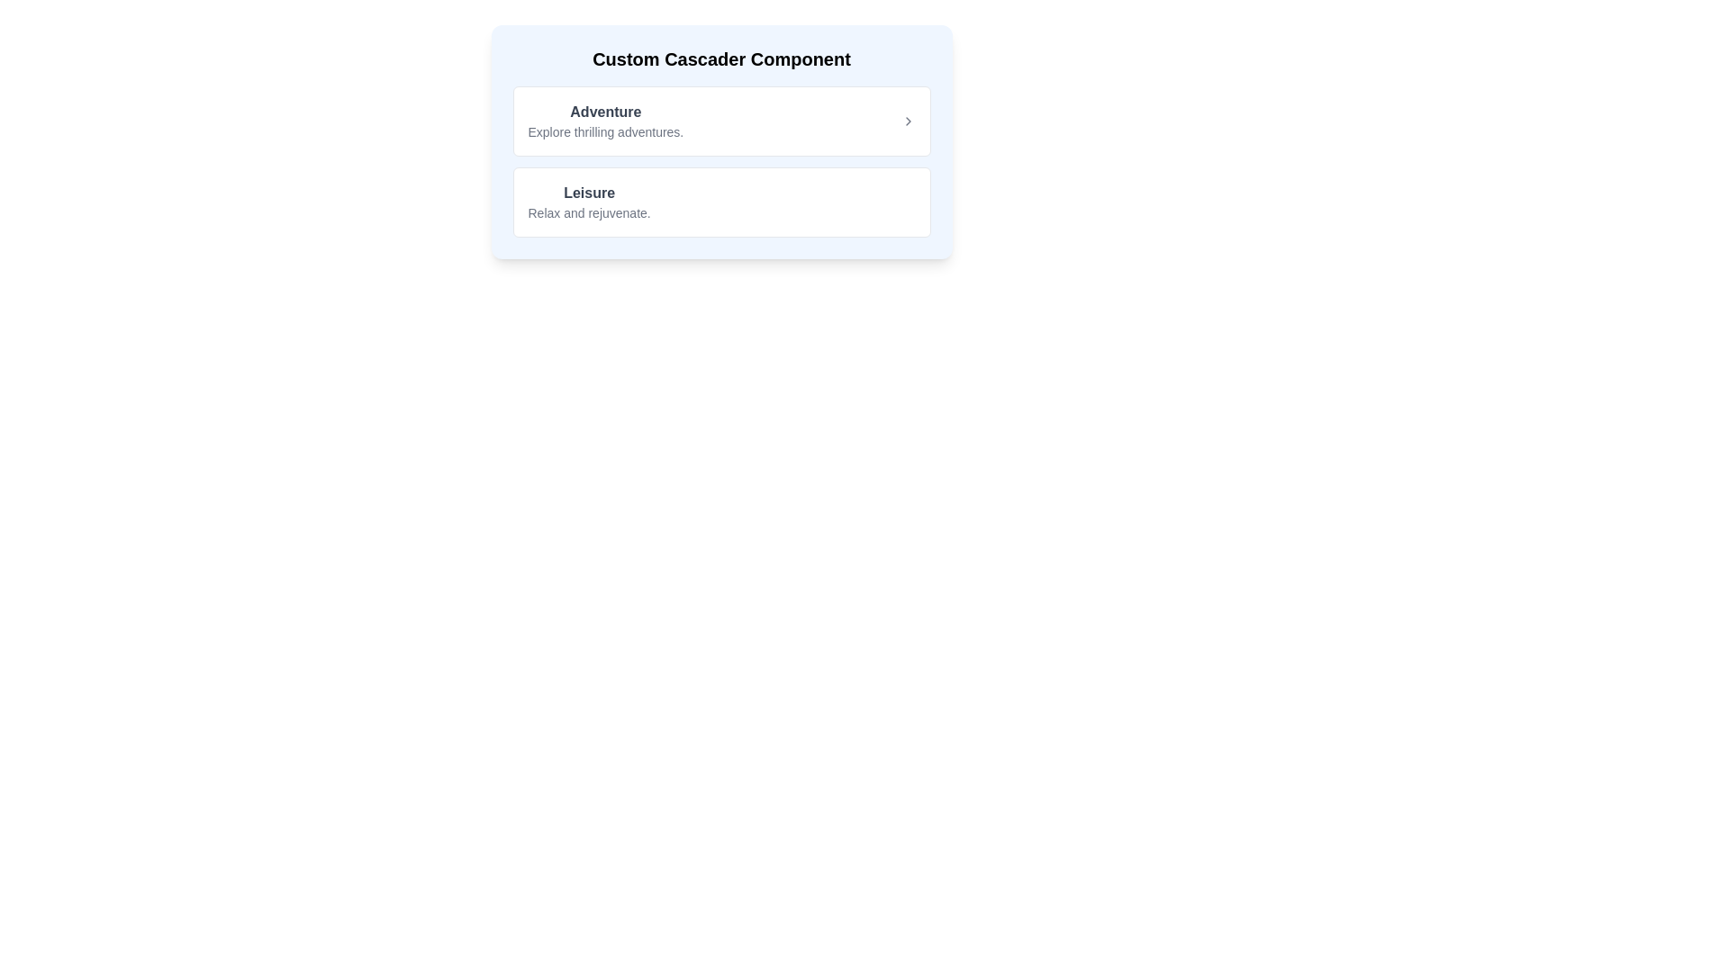  Describe the element at coordinates (721, 121) in the screenshot. I see `the first selectable card option for adventures in the vertically stacked list, which is located above the 'Leisure - Relax and rejuvenate.' card` at that location.